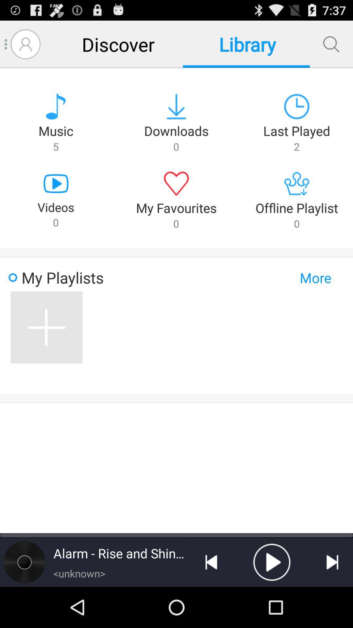  Describe the element at coordinates (25, 47) in the screenshot. I see `the avatar icon` at that location.